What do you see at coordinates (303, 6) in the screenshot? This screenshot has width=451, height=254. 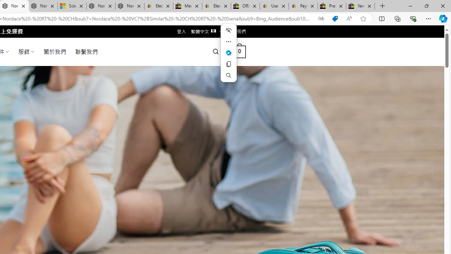 I see `'Payments Terms of Use | eBay.com'` at bounding box center [303, 6].